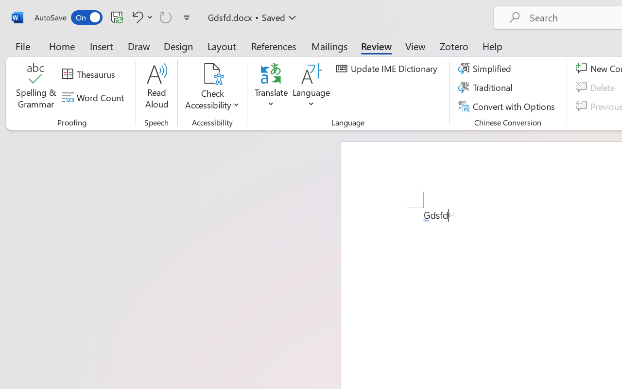 Image resolution: width=622 pixels, height=389 pixels. What do you see at coordinates (388, 69) in the screenshot?
I see `'Update IME Dictionary...'` at bounding box center [388, 69].